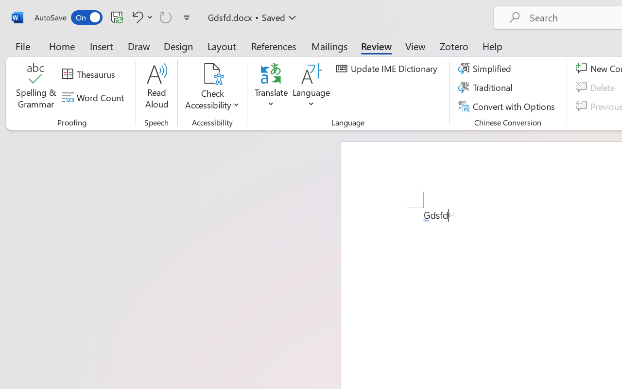 Image resolution: width=622 pixels, height=389 pixels. What do you see at coordinates (388, 69) in the screenshot?
I see `'Update IME Dictionary...'` at bounding box center [388, 69].